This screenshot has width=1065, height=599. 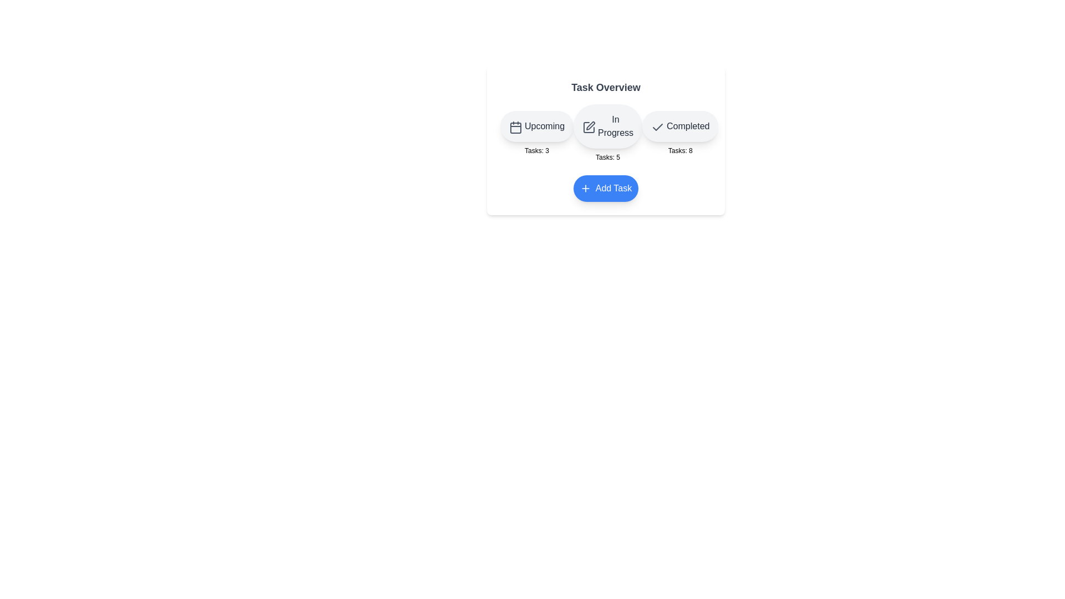 What do you see at coordinates (605, 187) in the screenshot?
I see `'Add Task' button to increment the task count for the 'Upcoming' category` at bounding box center [605, 187].